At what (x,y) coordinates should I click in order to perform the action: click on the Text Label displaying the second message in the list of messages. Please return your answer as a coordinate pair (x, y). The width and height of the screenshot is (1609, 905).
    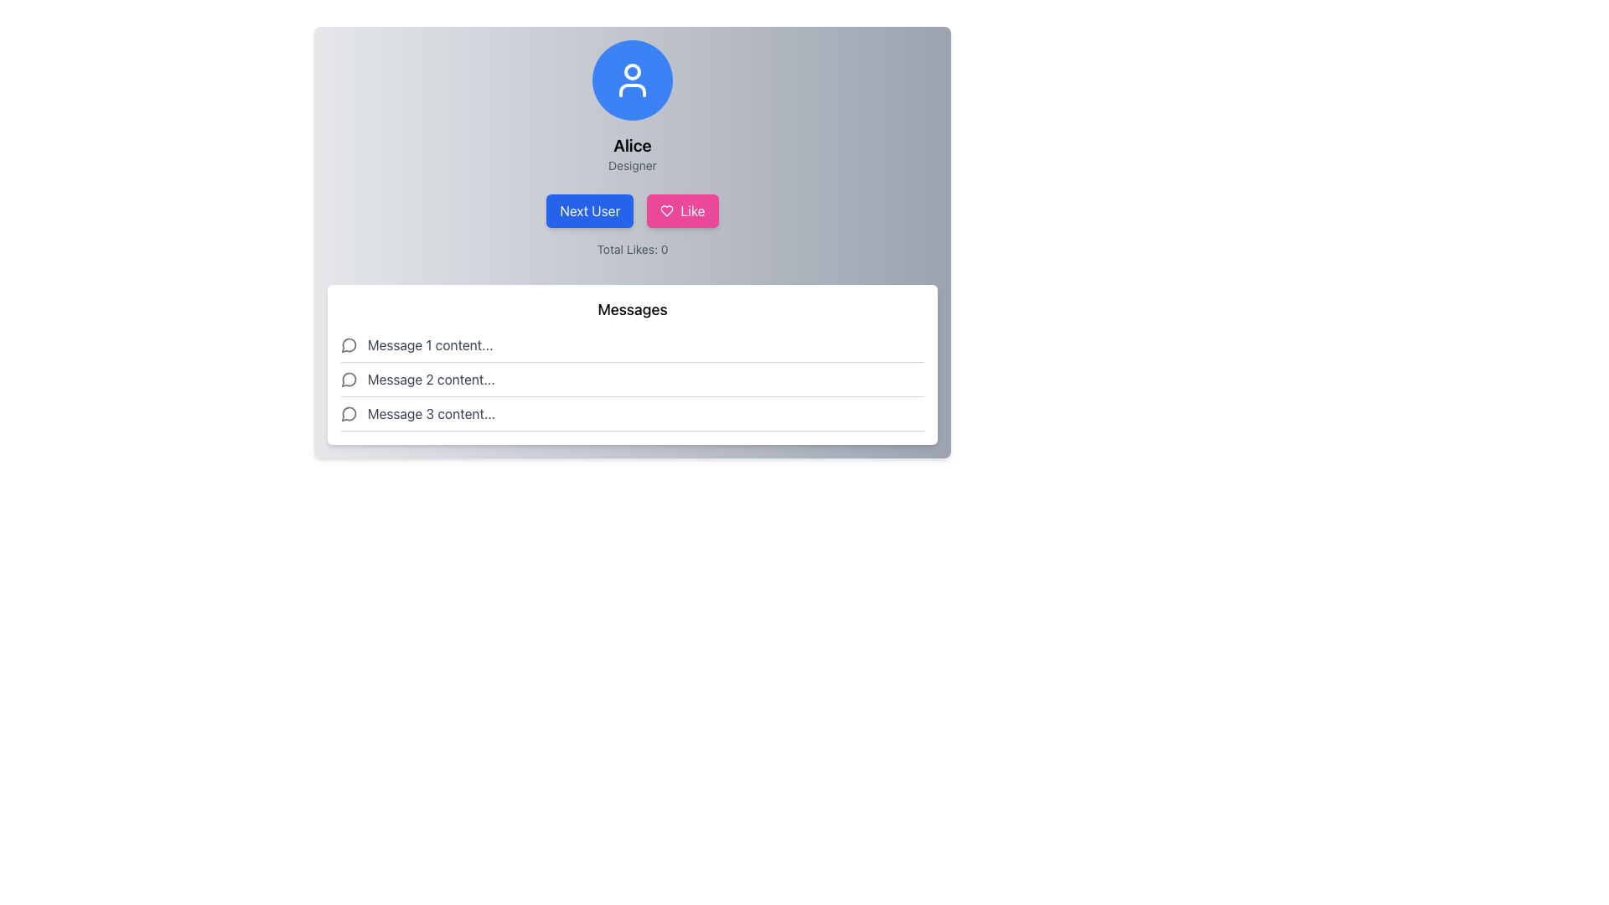
    Looking at the image, I should click on (431, 379).